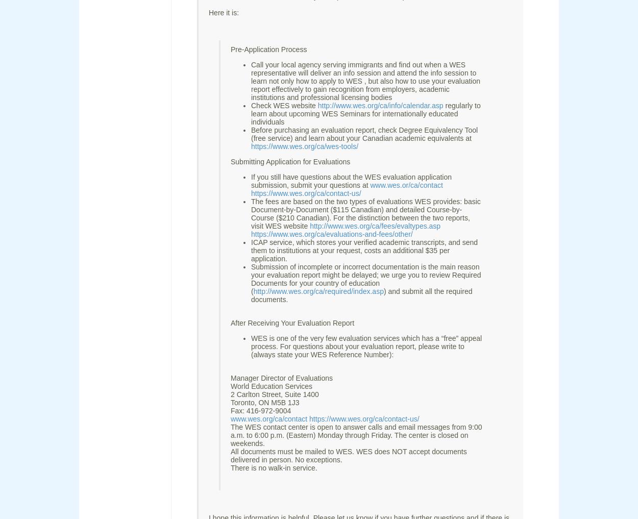  Describe the element at coordinates (274, 467) in the screenshot. I see `'There is no walk-in service.'` at that location.